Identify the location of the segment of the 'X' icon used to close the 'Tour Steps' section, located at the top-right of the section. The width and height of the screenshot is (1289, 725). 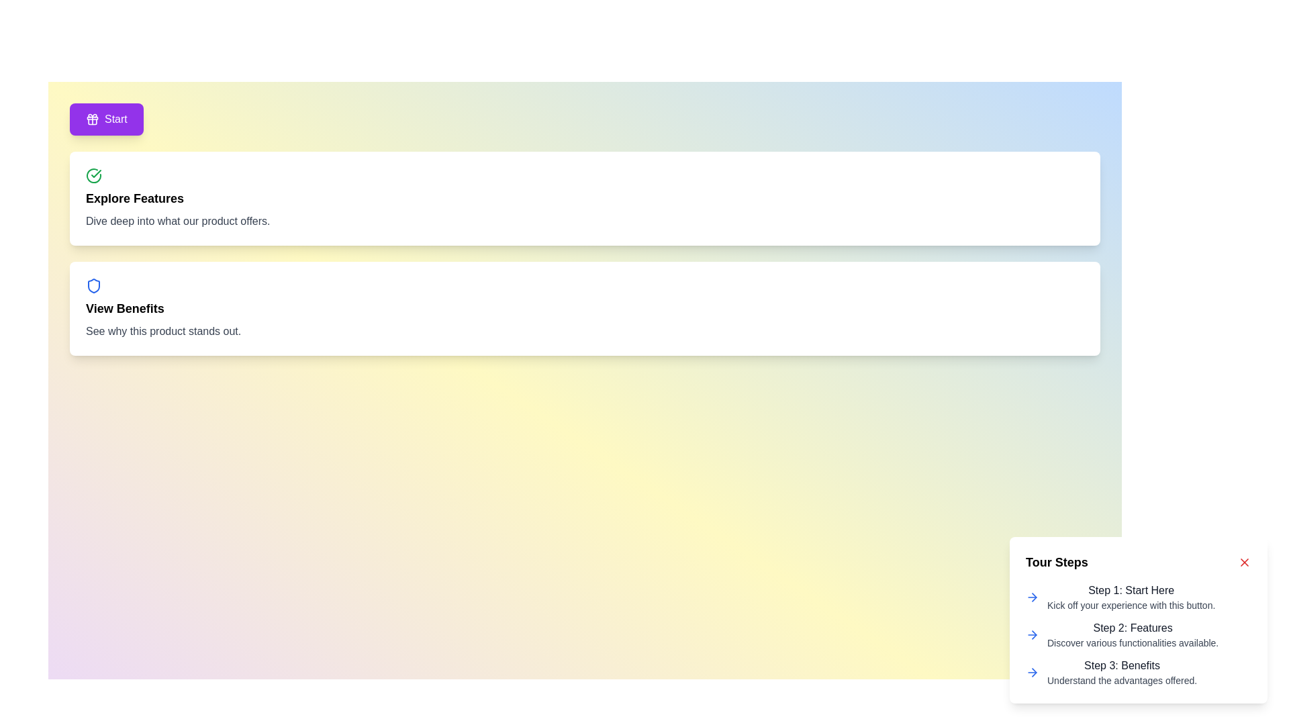
(1243, 562).